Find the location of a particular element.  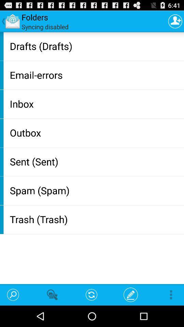

contacts is located at coordinates (175, 21).